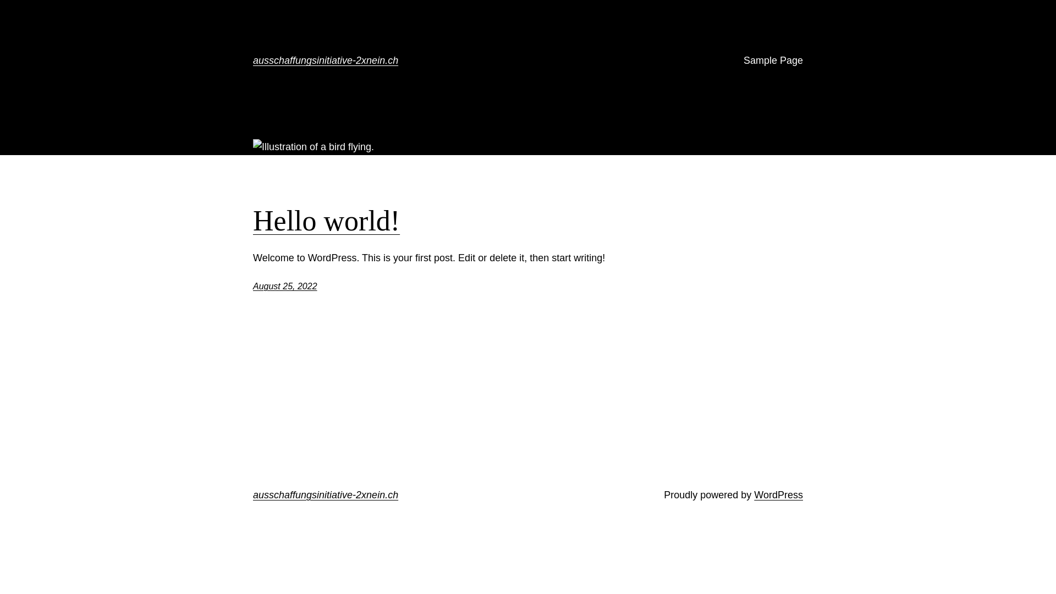 This screenshot has width=1056, height=594. What do you see at coordinates (773, 61) in the screenshot?
I see `'Sample Page'` at bounding box center [773, 61].